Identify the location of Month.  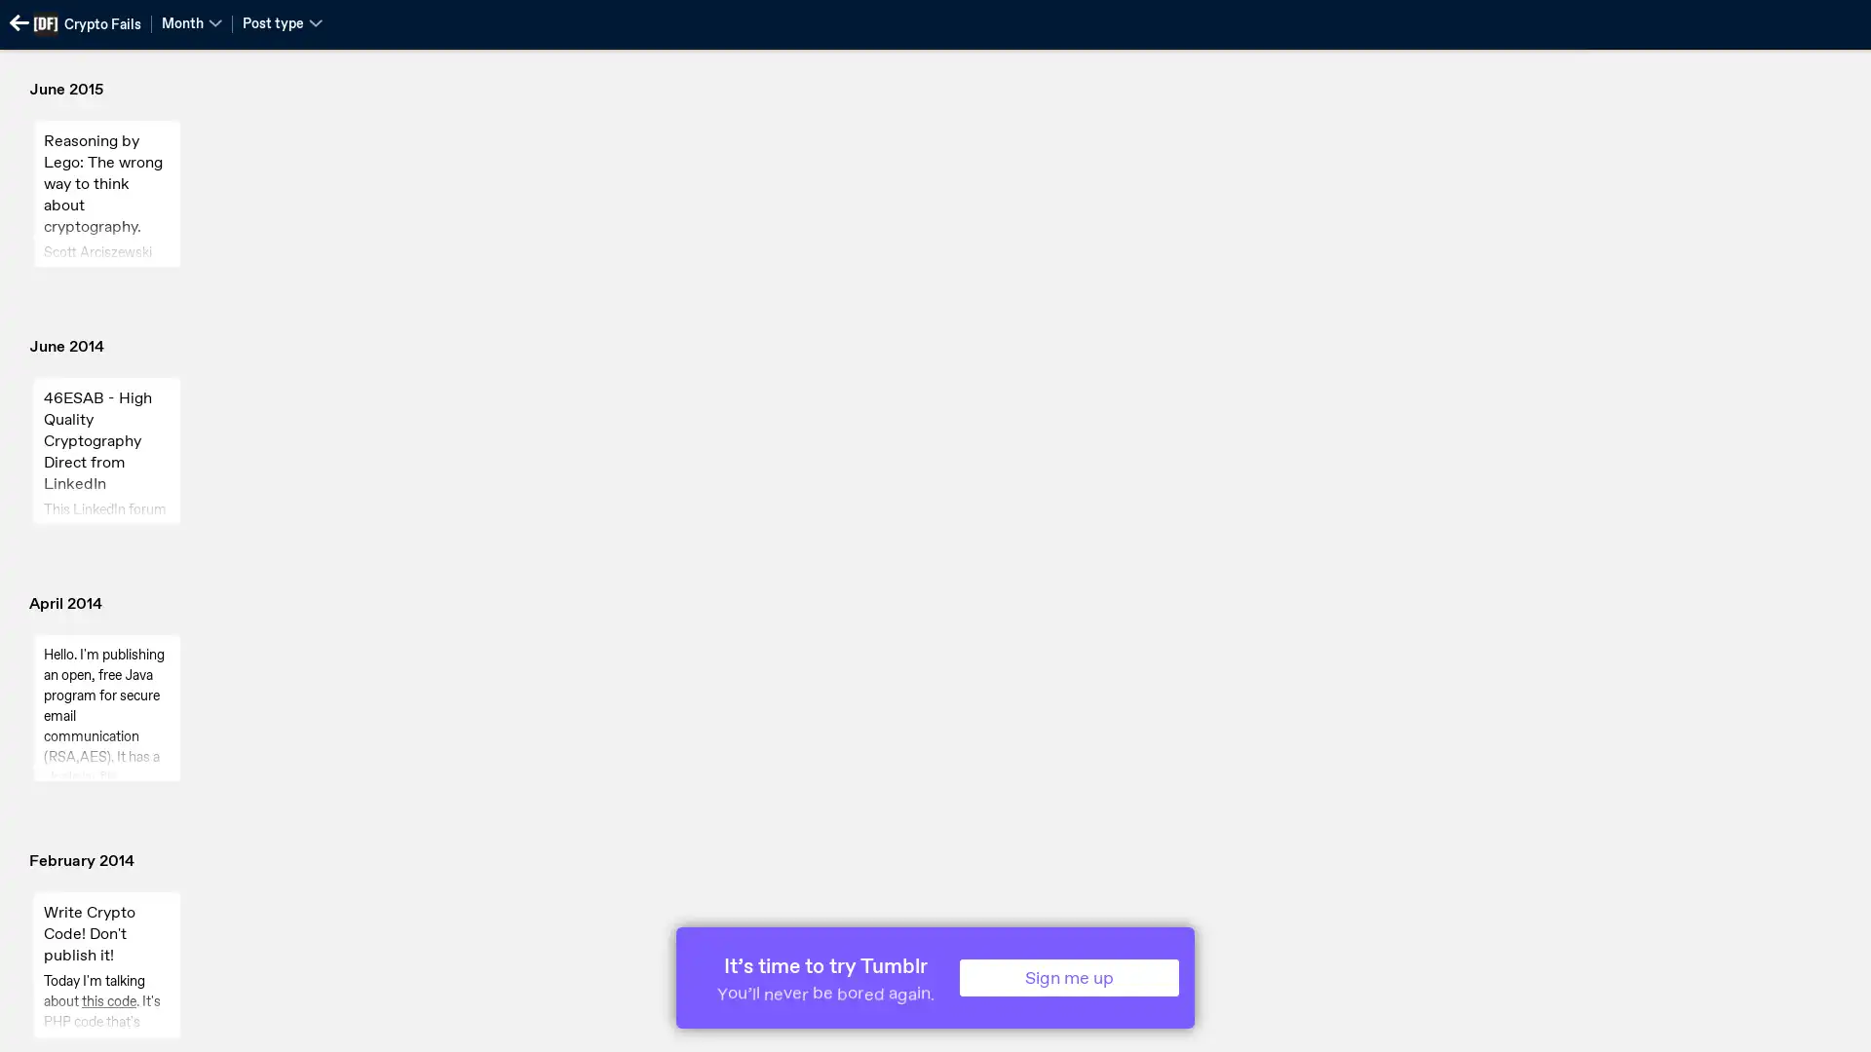
(191, 22).